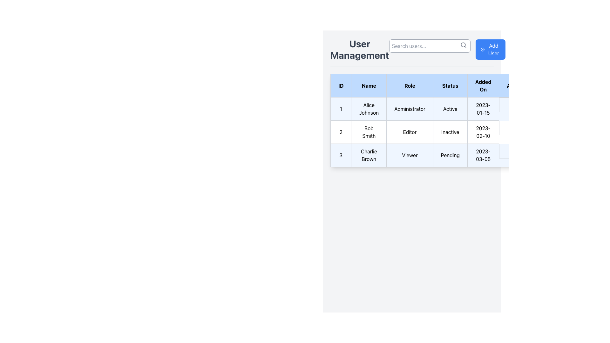 The height and width of the screenshot is (343, 610). I want to click on the static text element displaying the role 'Administrator' assigned to the user 'Alice Johnson' in the third box of the first data row of the table, so click(410, 109).